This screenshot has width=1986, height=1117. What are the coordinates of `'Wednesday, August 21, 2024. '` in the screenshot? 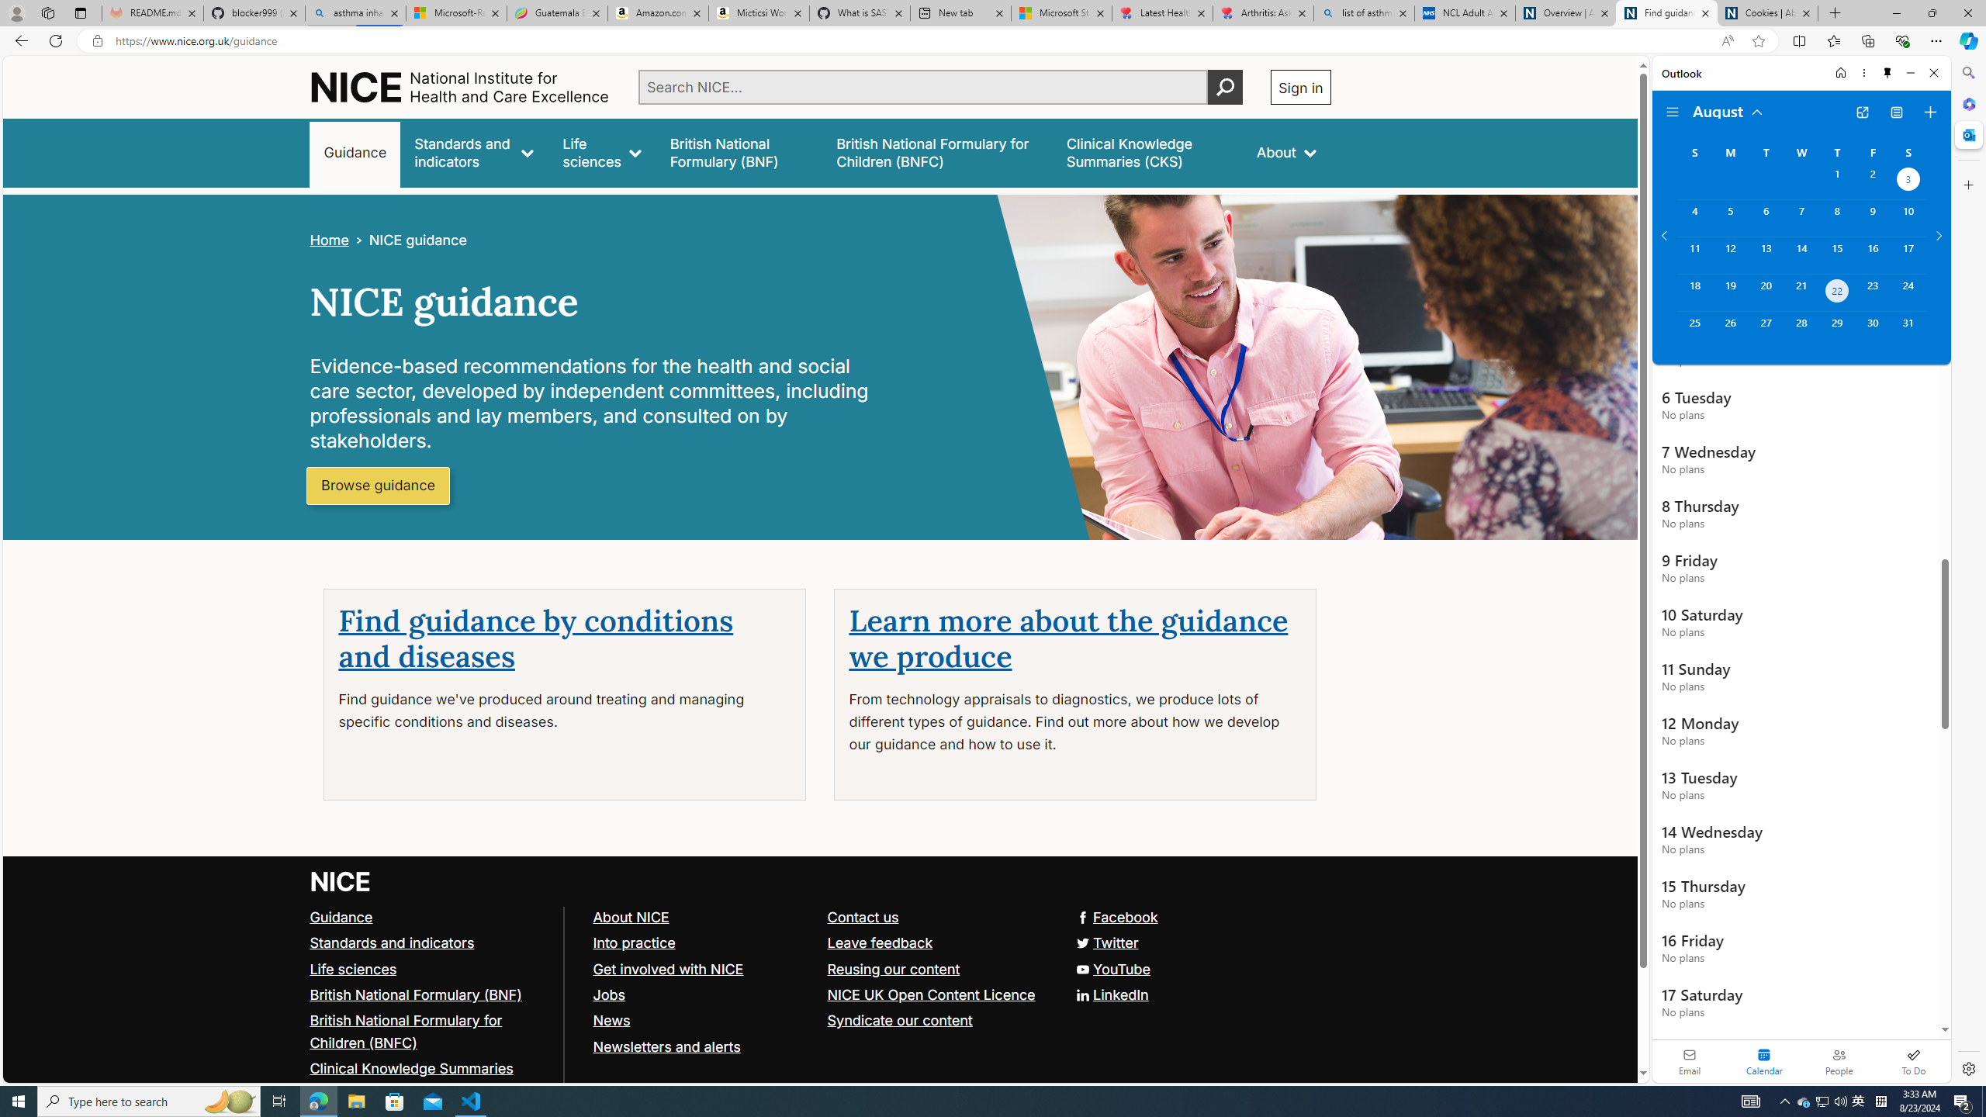 It's located at (1800, 292).